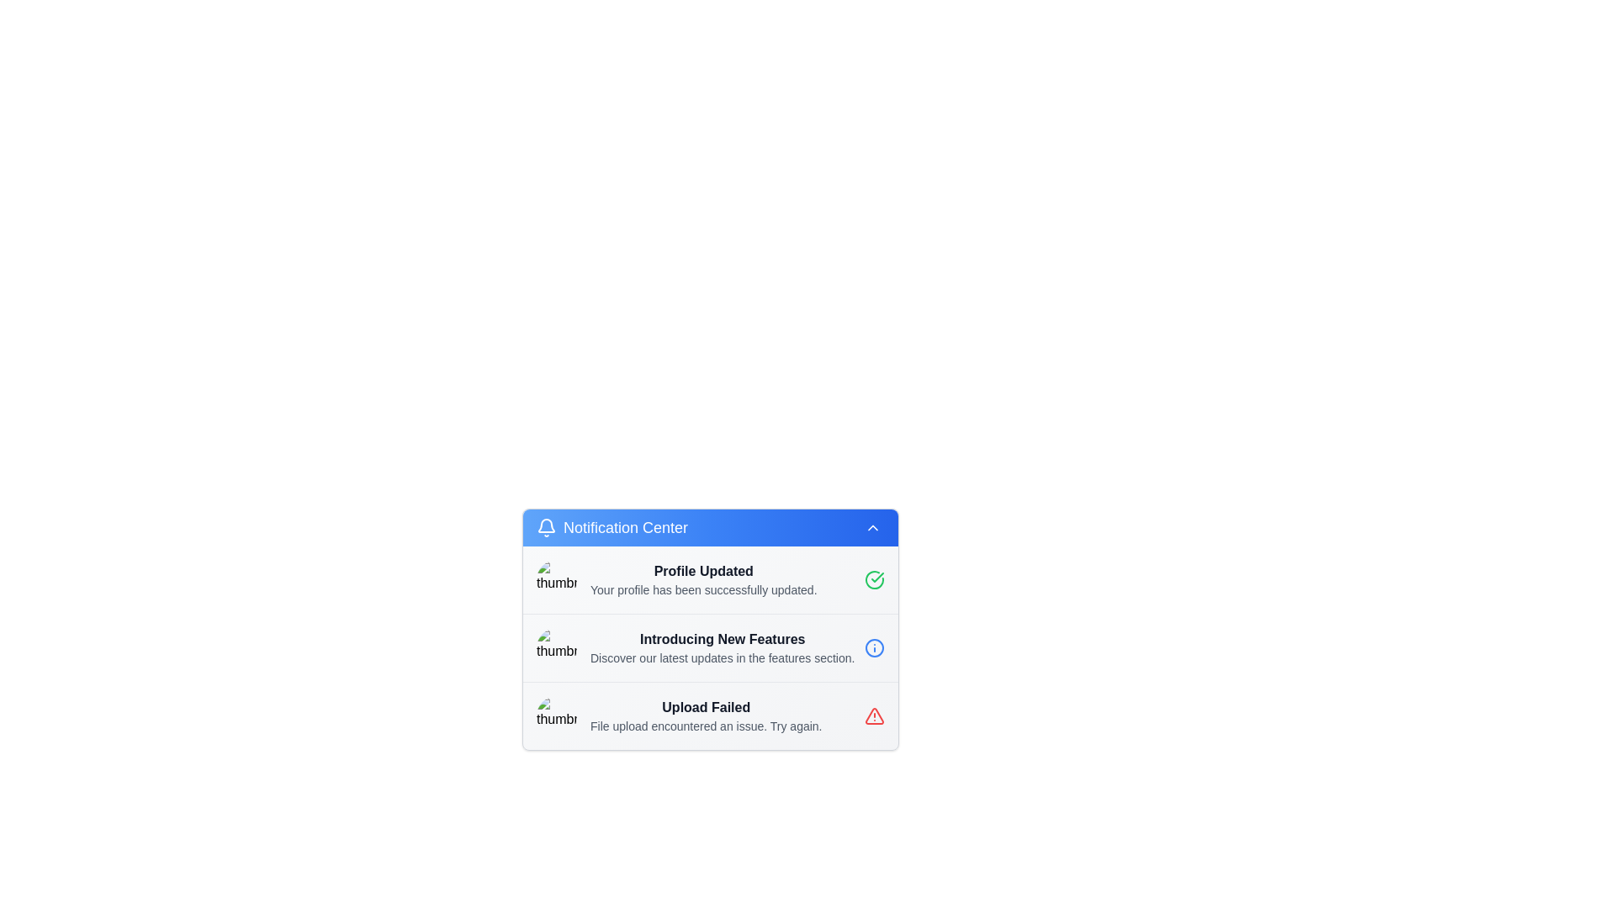  Describe the element at coordinates (703, 589) in the screenshot. I see `text label stating 'Your profile has been successfully updated.' located below the 'Profile Updated' heading in the 'Notification Center.'` at that location.